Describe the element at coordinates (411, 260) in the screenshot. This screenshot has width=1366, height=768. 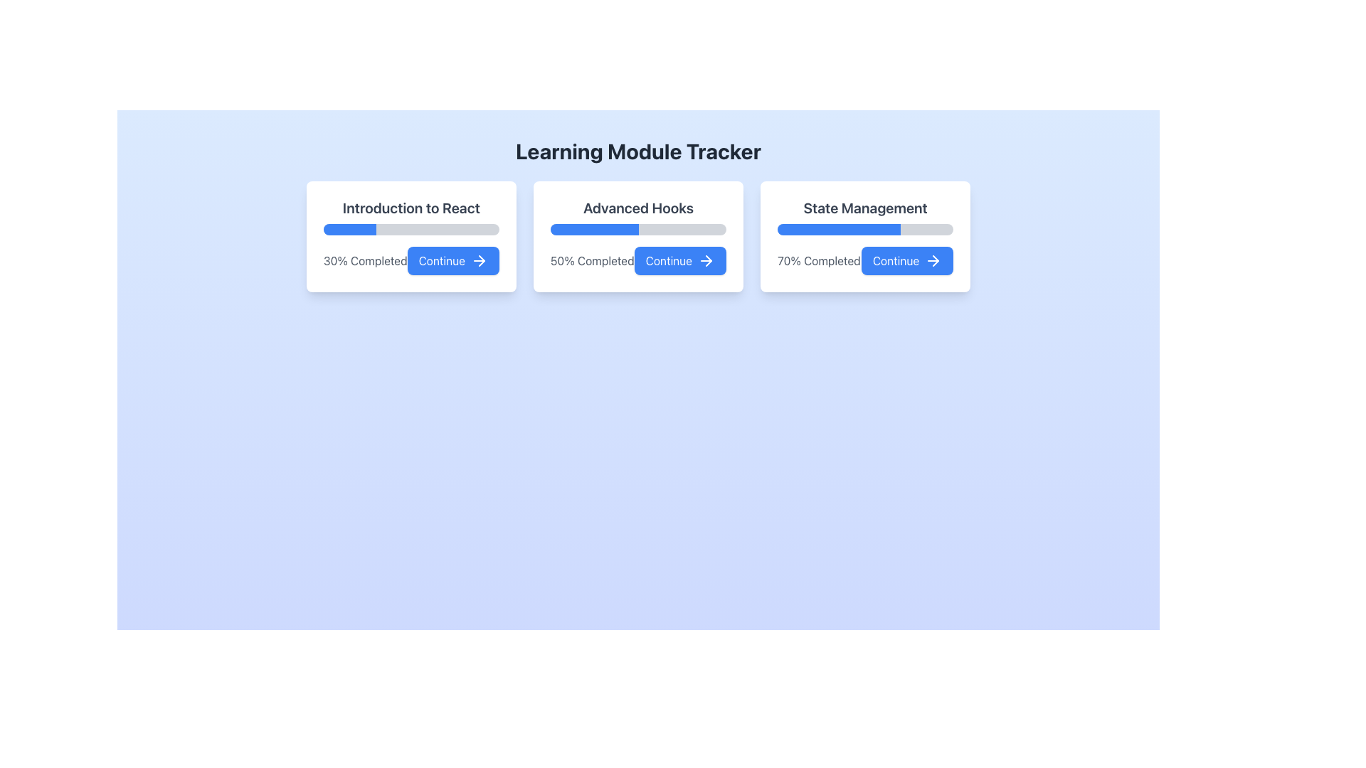
I see `the 'Continue' button with a right arrow icon located at the bottom of the 'Introduction to React' card` at that location.